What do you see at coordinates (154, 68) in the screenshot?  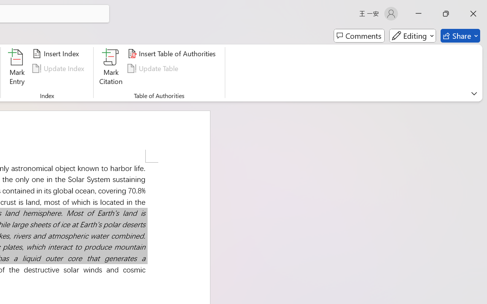 I see `'Update Table'` at bounding box center [154, 68].